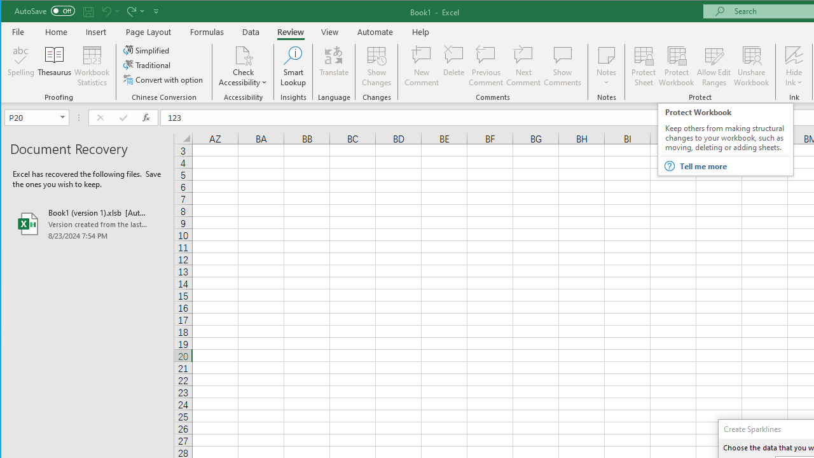  I want to click on 'Hide Ink', so click(793, 54).